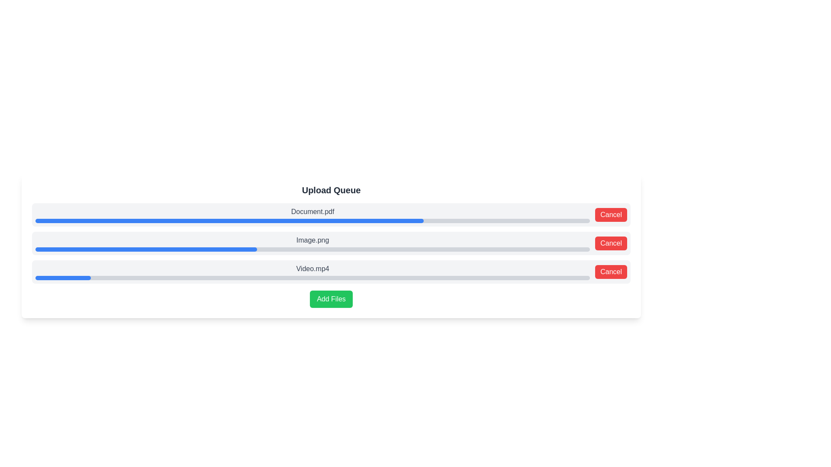 The height and width of the screenshot is (467, 831). I want to click on the progress bar representing the upload progress of the file named 'Image.png', so click(331, 243).